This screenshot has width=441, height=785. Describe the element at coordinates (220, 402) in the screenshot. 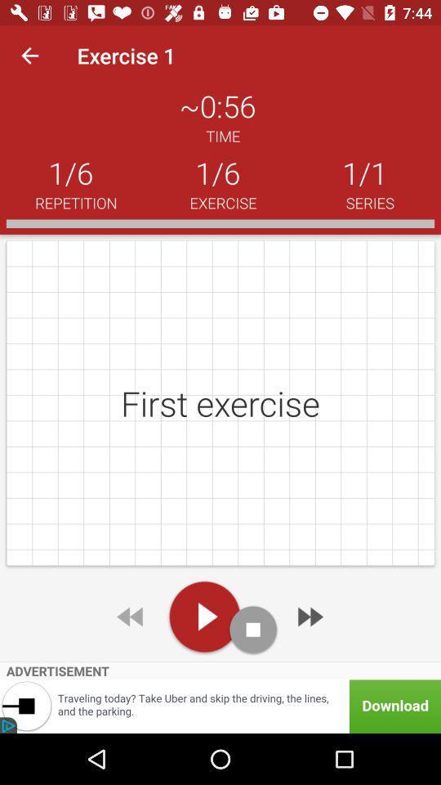

I see `a image with a text first exercise on page` at that location.